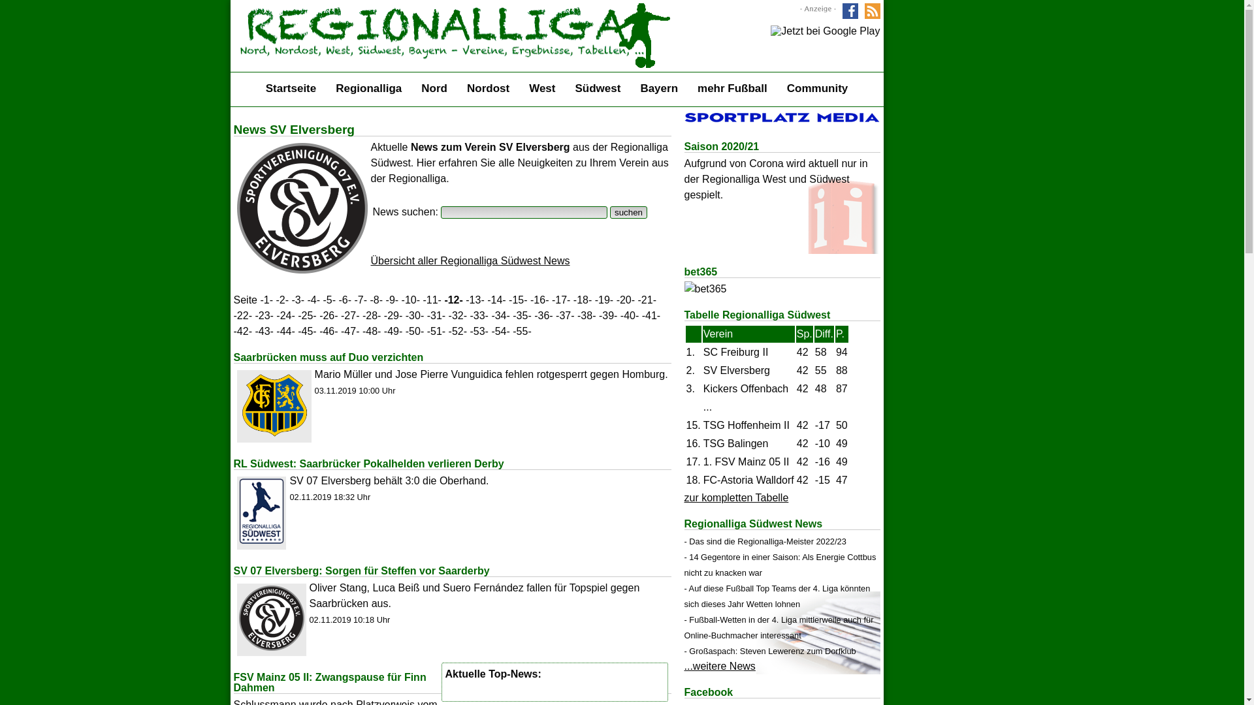 The height and width of the screenshot is (705, 1254). Describe the element at coordinates (517, 300) in the screenshot. I see `'-15-'` at that location.